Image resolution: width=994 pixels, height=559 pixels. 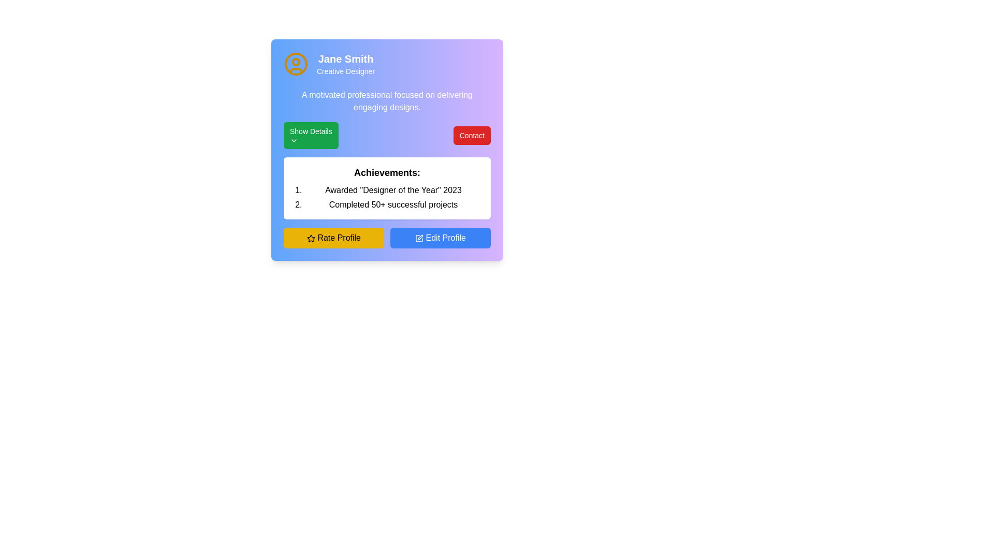 What do you see at coordinates (419, 238) in the screenshot?
I see `the icon that emphasizes the editing functionality within the 'Edit Profile' button located at the bottom-right of the profile card interface` at bounding box center [419, 238].